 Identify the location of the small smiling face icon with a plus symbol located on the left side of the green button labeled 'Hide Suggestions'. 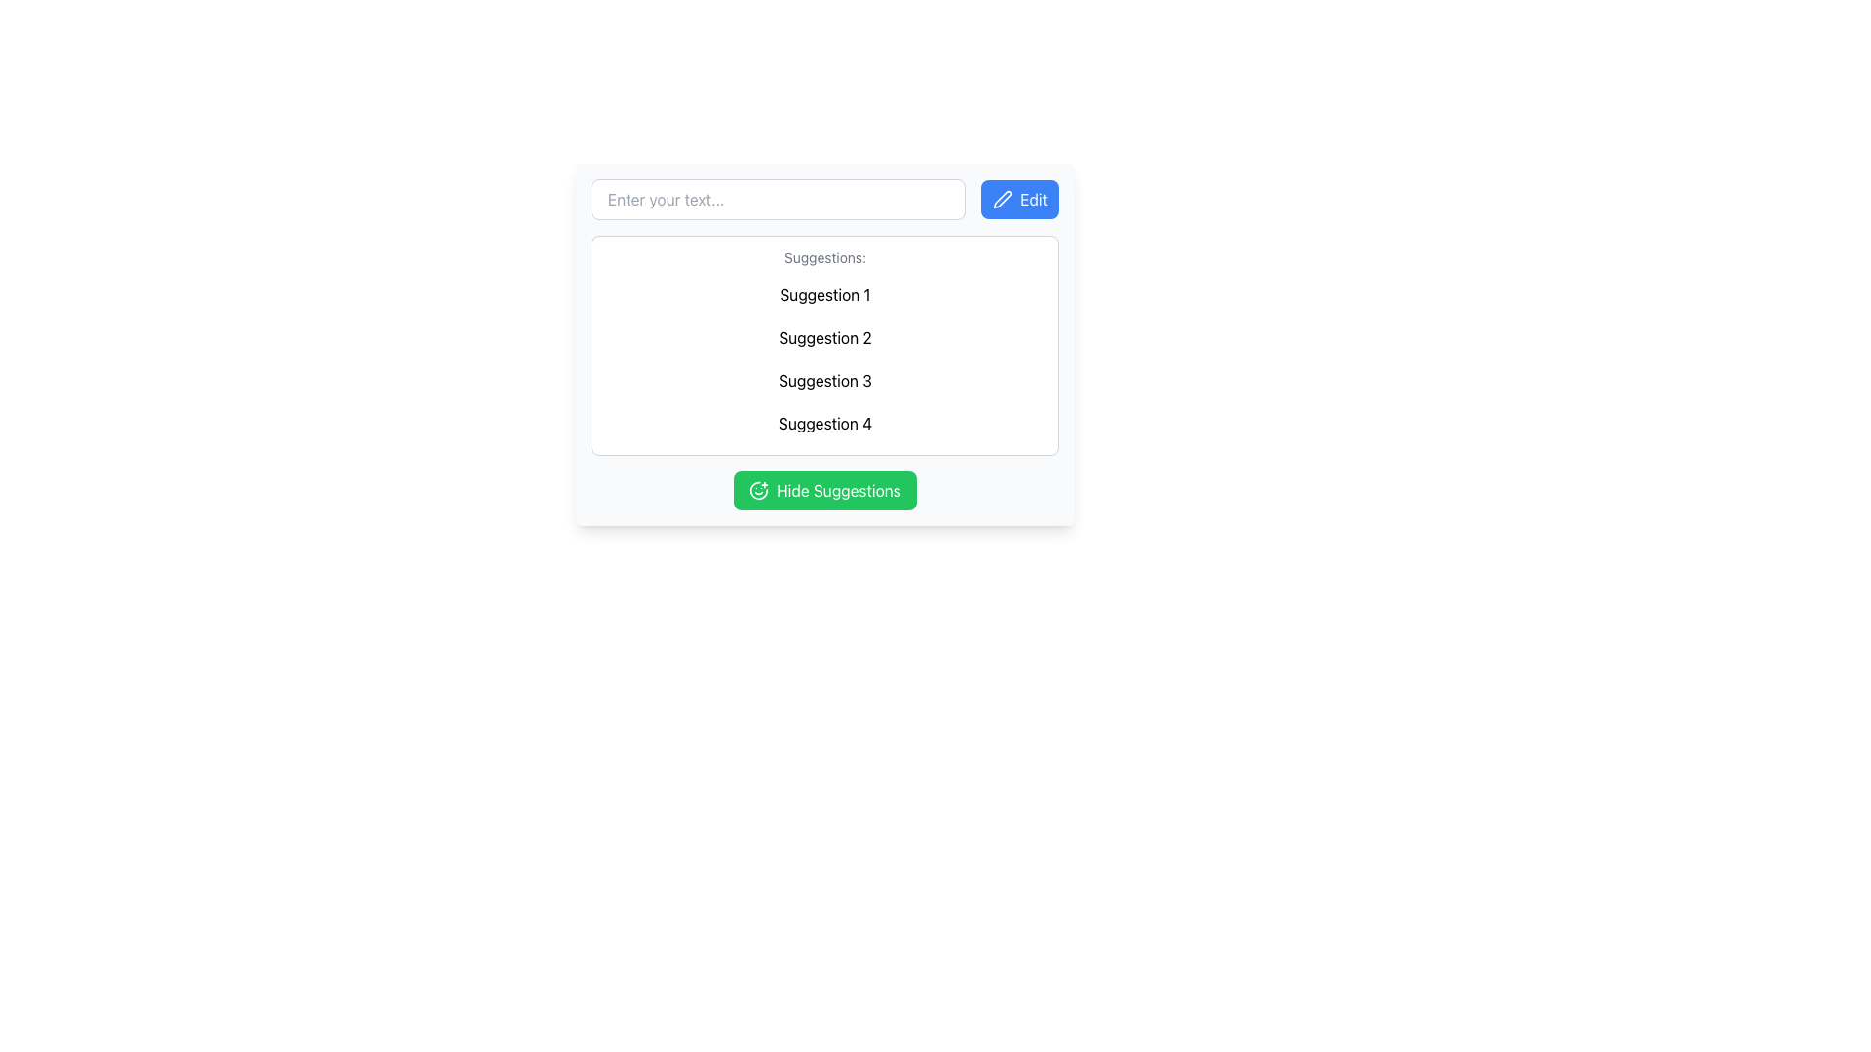
(758, 490).